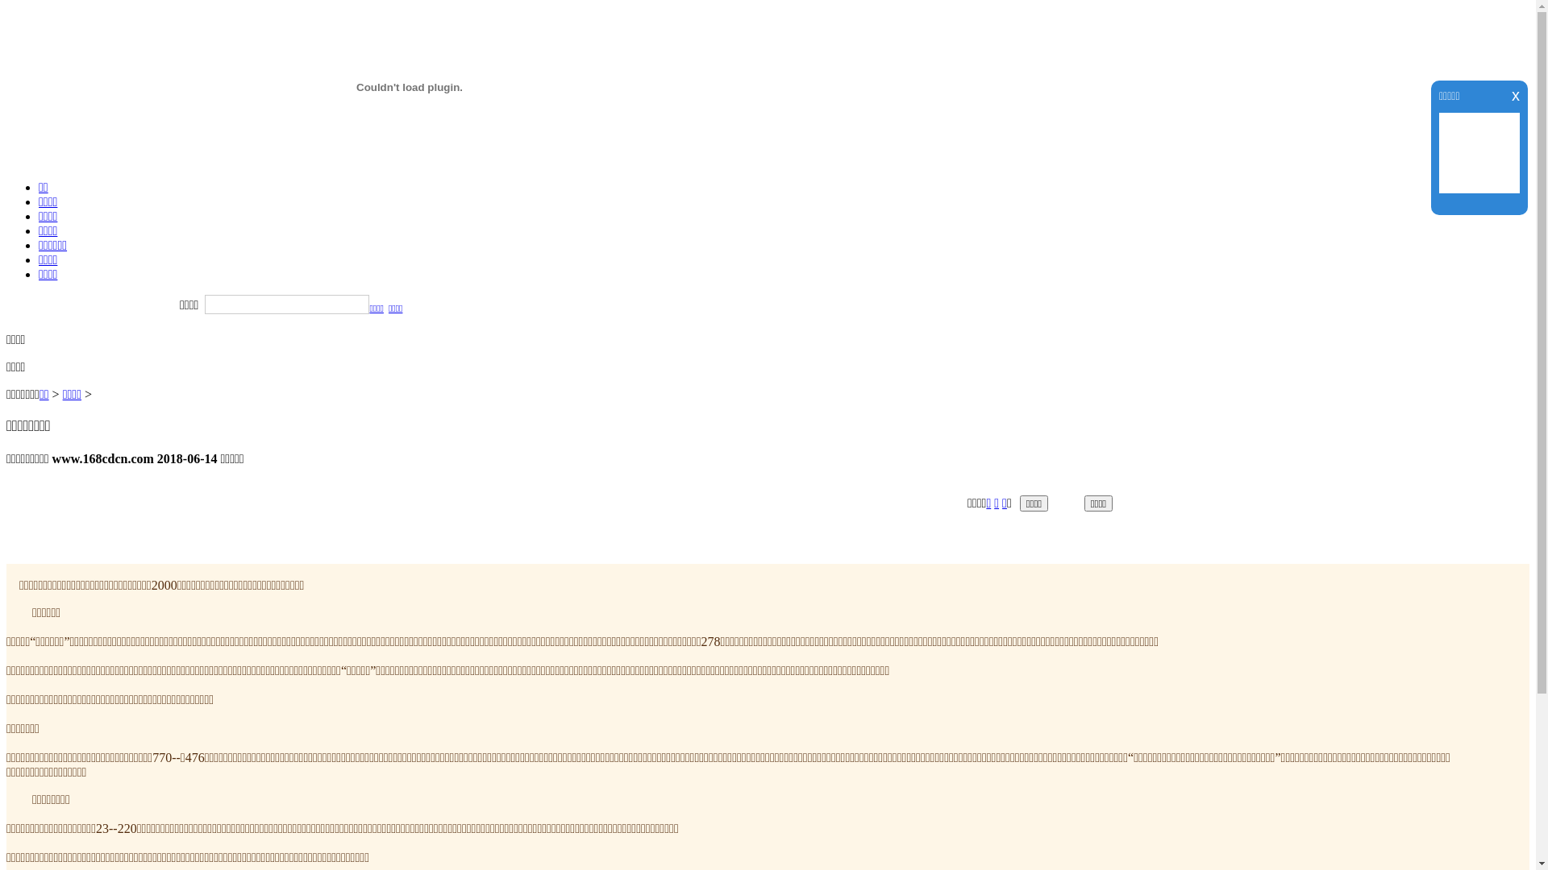  I want to click on 'x', so click(1511, 95).